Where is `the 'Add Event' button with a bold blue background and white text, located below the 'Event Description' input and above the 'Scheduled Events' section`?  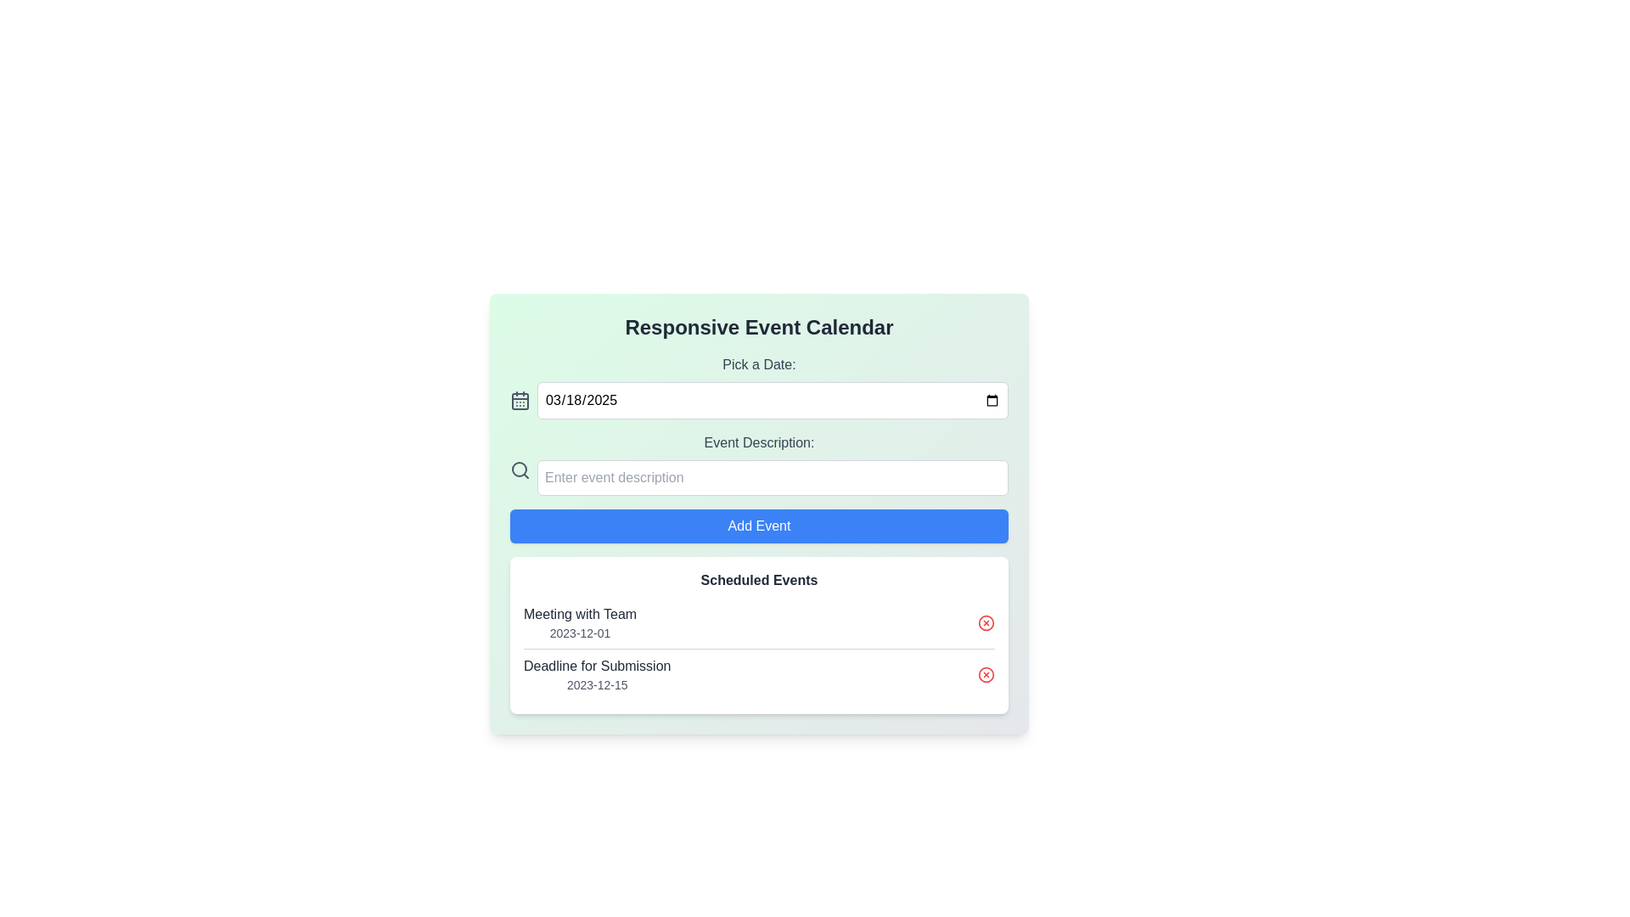
the 'Add Event' button with a bold blue background and white text, located below the 'Event Description' input and above the 'Scheduled Events' section is located at coordinates (758, 513).